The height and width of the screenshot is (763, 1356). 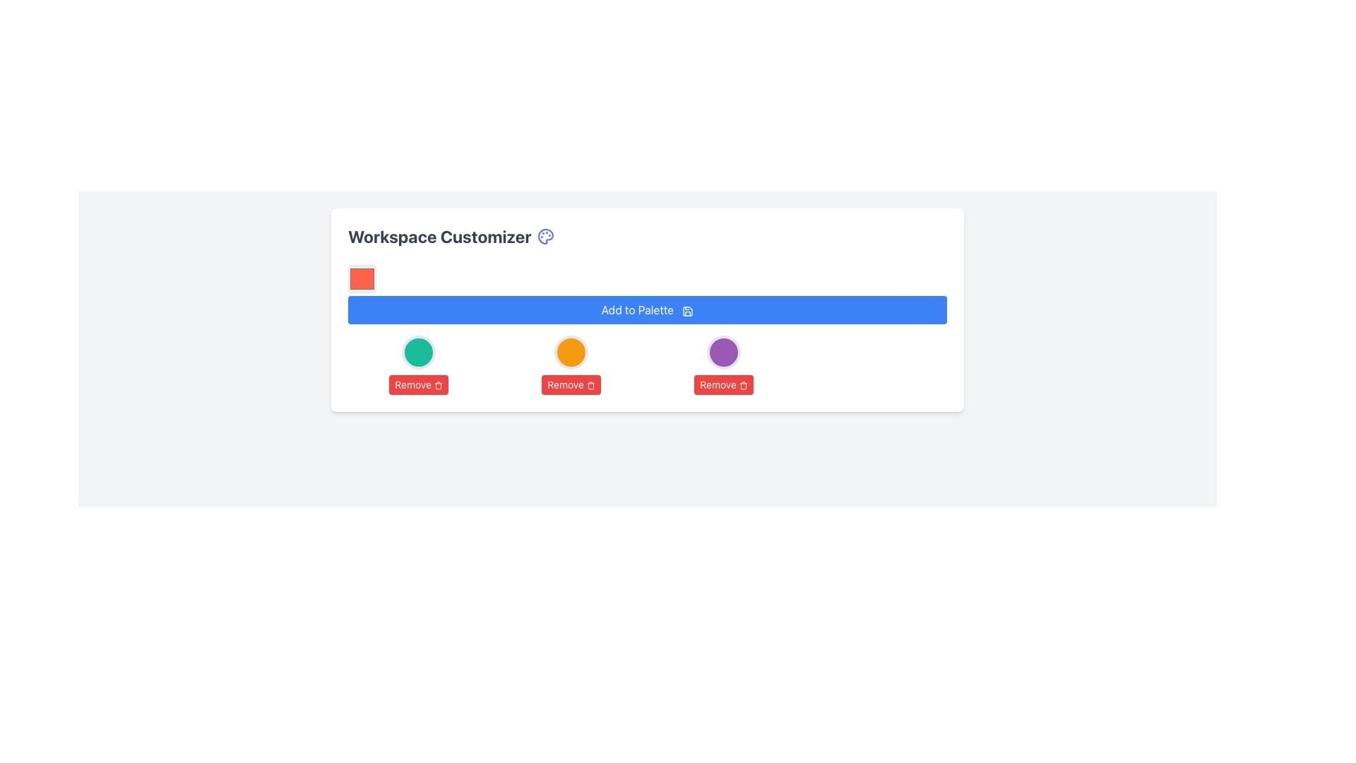 What do you see at coordinates (646, 293) in the screenshot?
I see `the button that allows users to add a selected color or item to a palette to observe any styling changes` at bounding box center [646, 293].